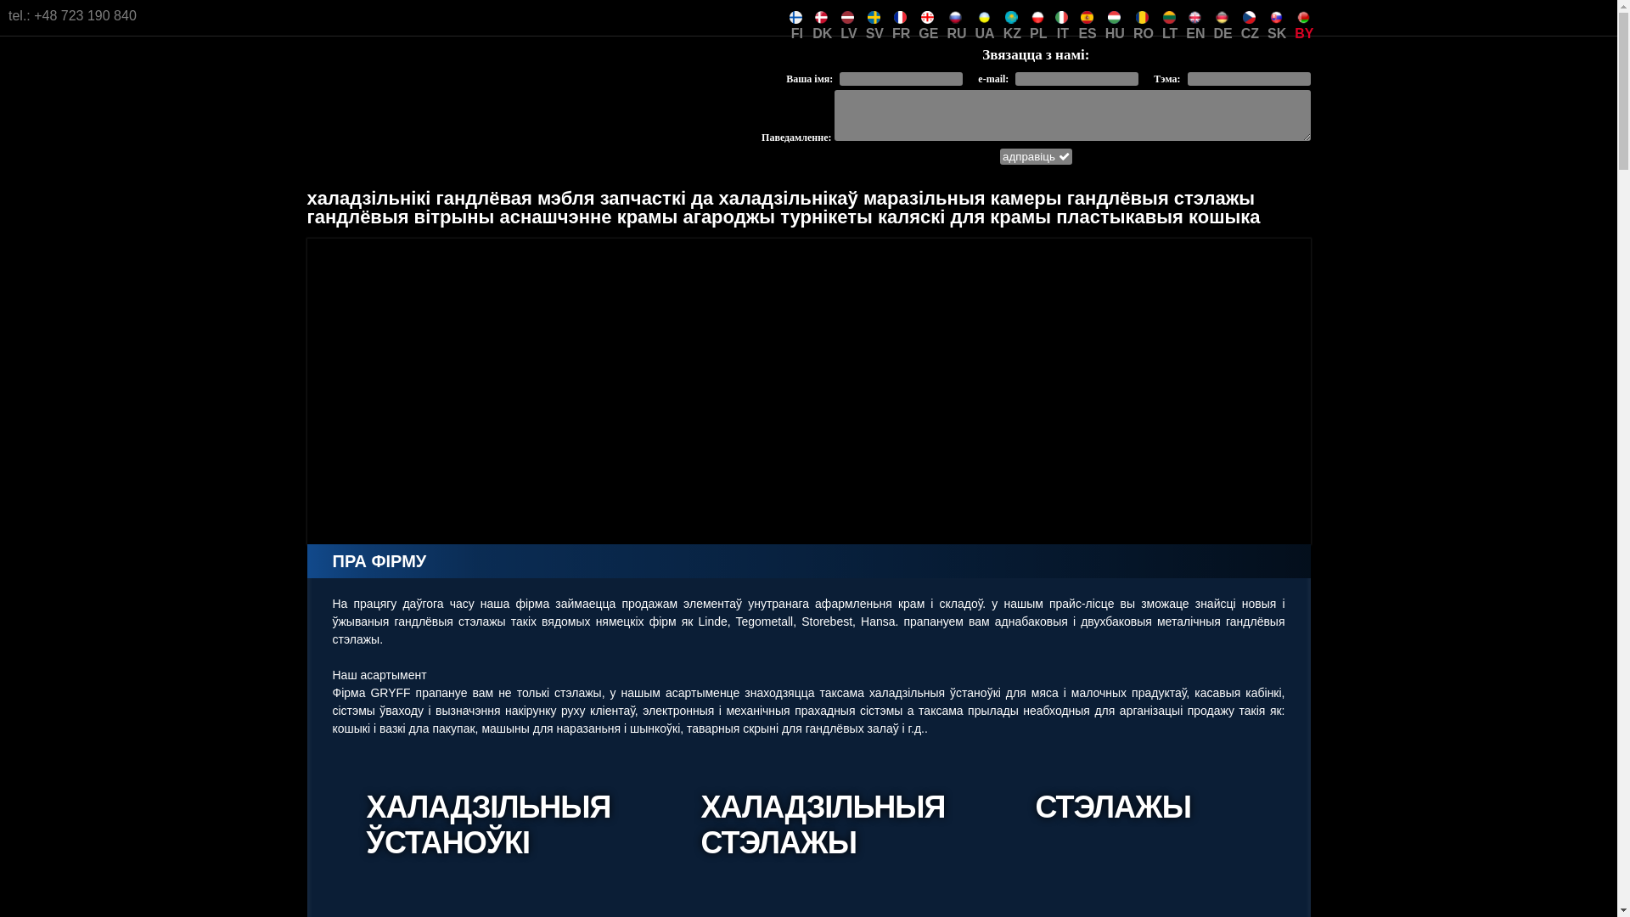  What do you see at coordinates (900, 16) in the screenshot?
I see `'FR'` at bounding box center [900, 16].